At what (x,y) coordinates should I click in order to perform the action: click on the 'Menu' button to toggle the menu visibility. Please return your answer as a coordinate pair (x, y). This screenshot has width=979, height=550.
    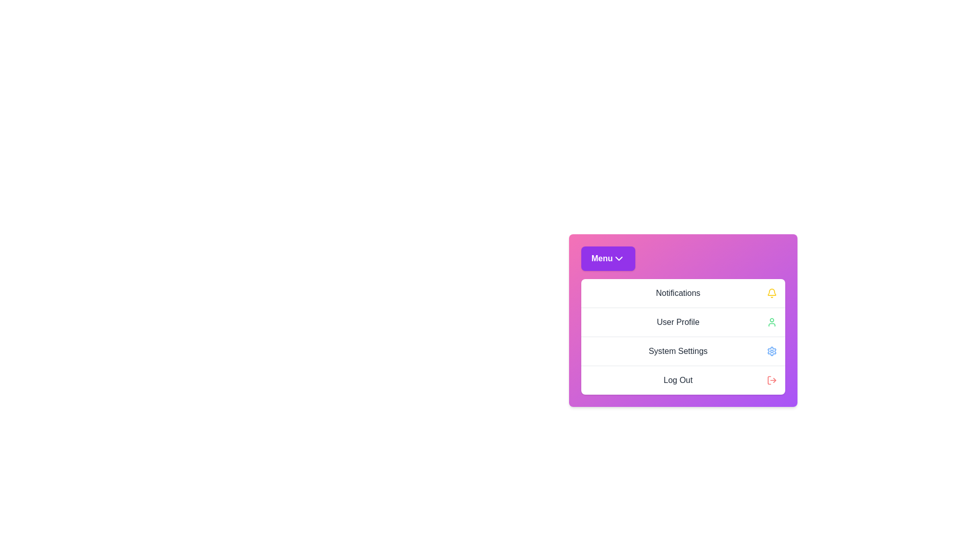
    Looking at the image, I should click on (608, 258).